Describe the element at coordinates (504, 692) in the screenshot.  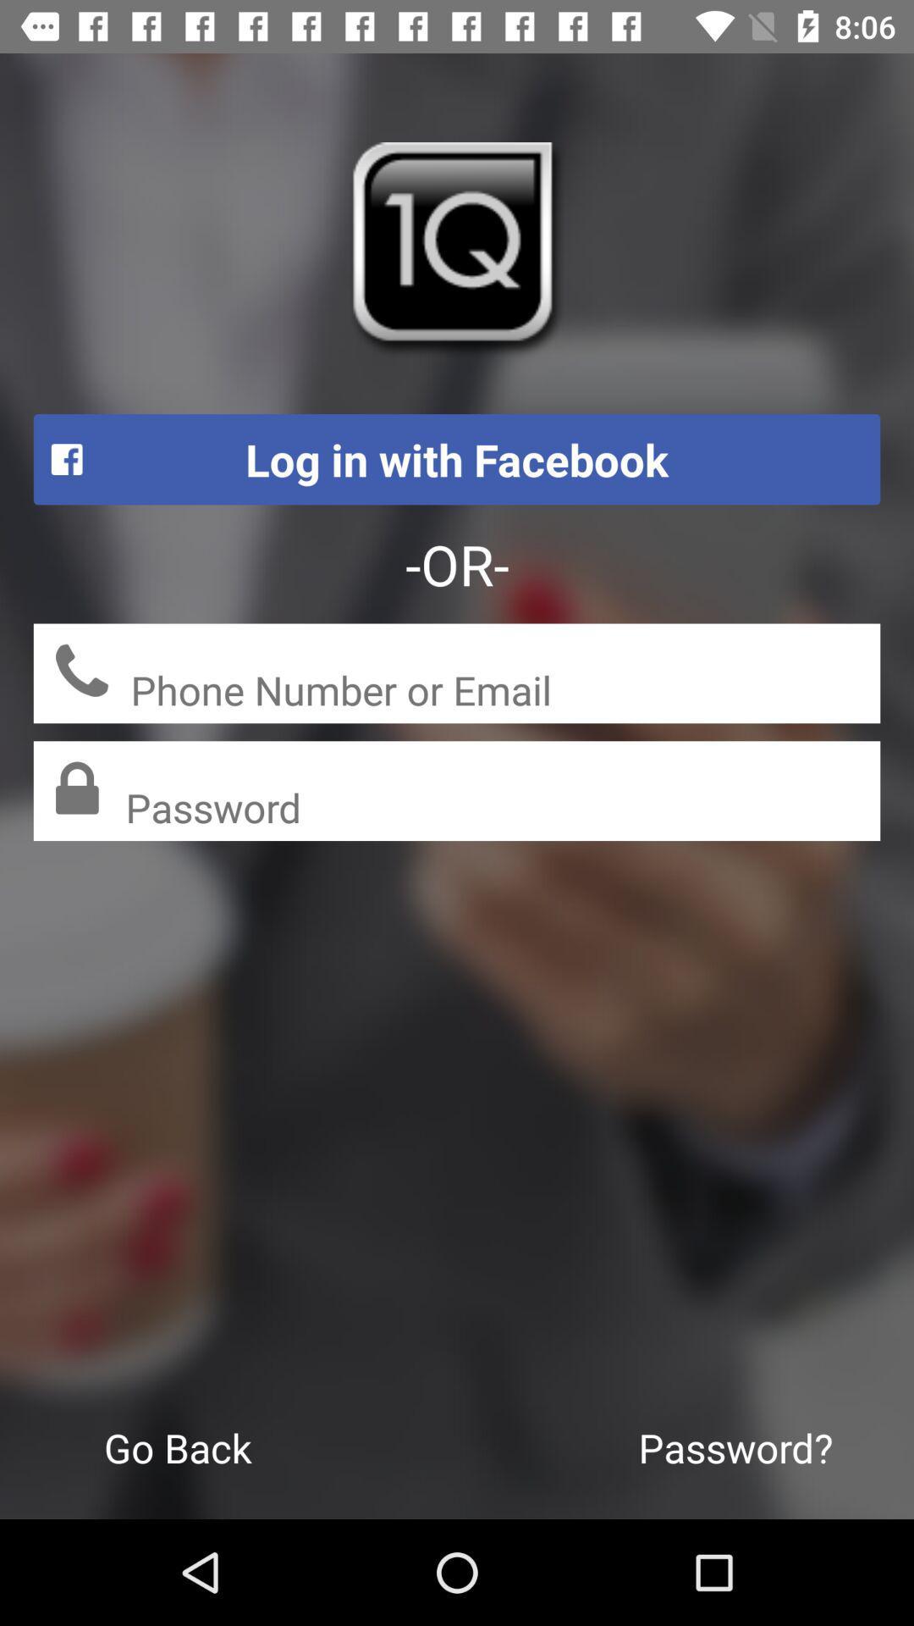
I see `login information` at that location.